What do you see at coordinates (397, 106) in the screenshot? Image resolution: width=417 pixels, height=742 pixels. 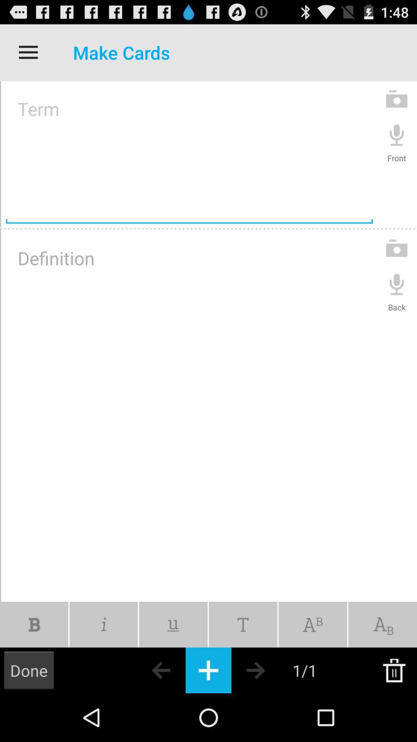 I see `the photo icon` at bounding box center [397, 106].